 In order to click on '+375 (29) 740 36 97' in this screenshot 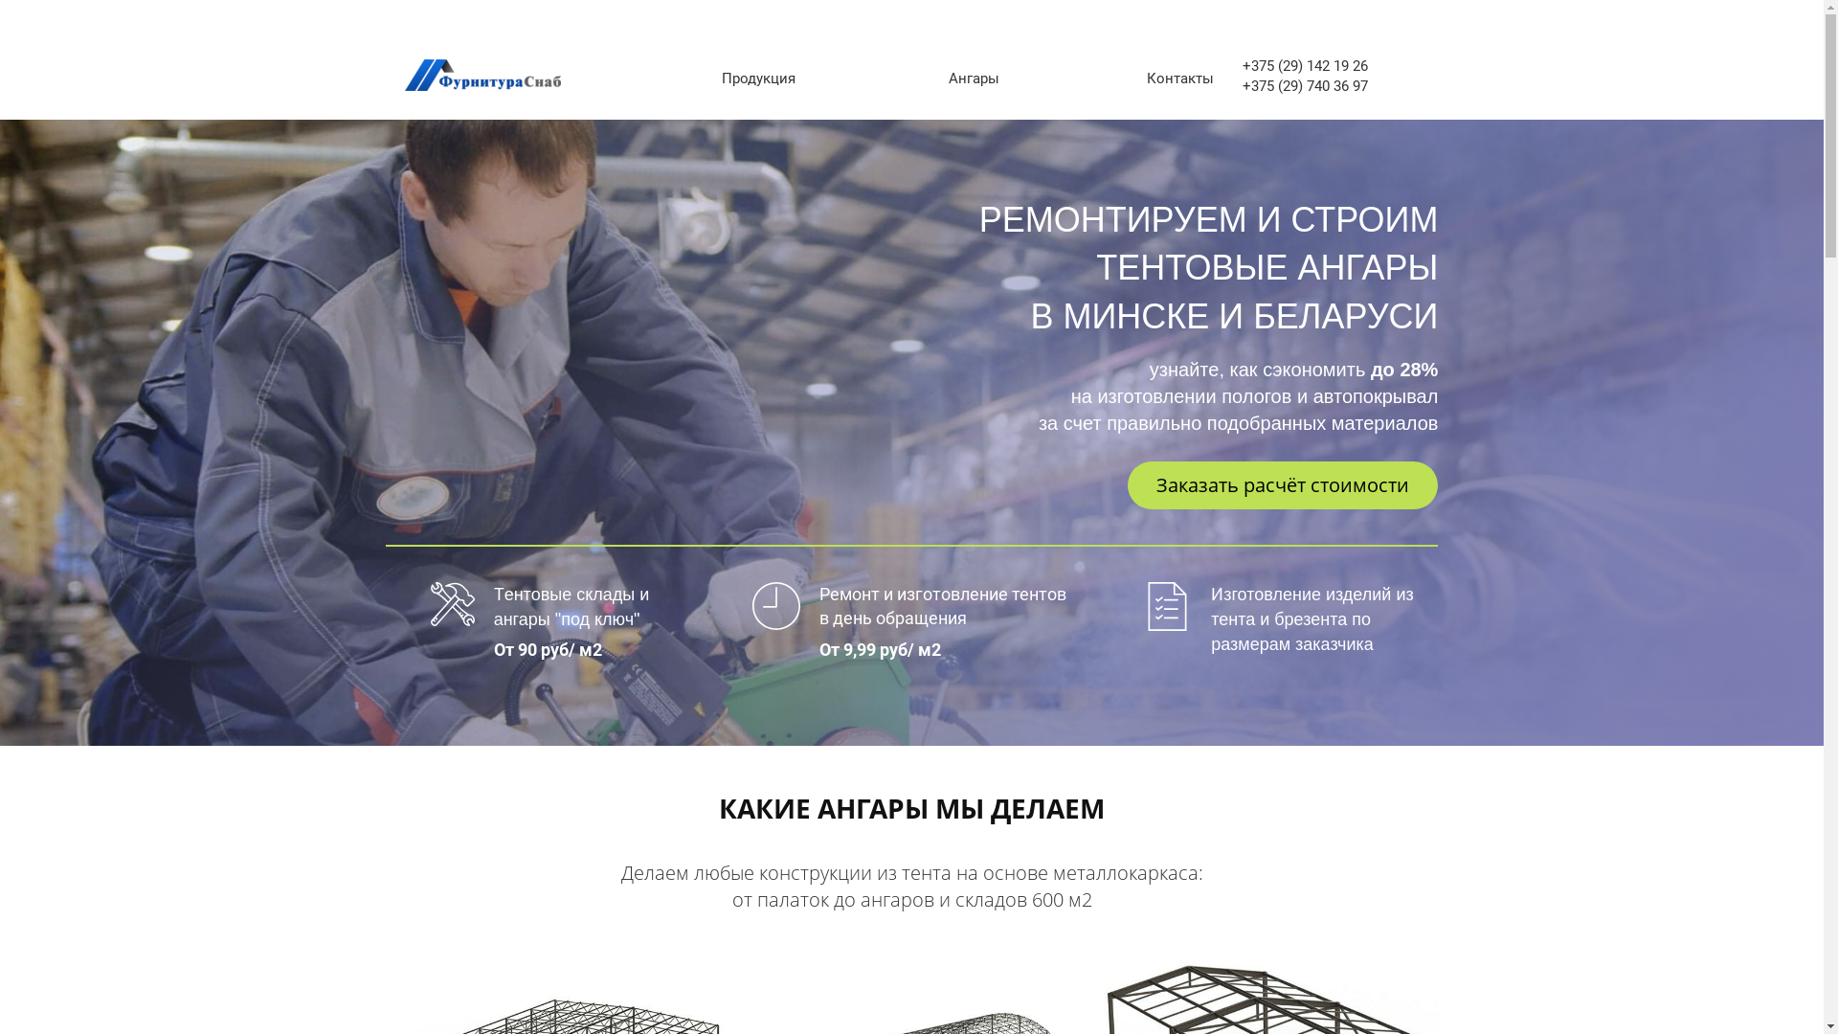, I will do `click(1242, 86)`.